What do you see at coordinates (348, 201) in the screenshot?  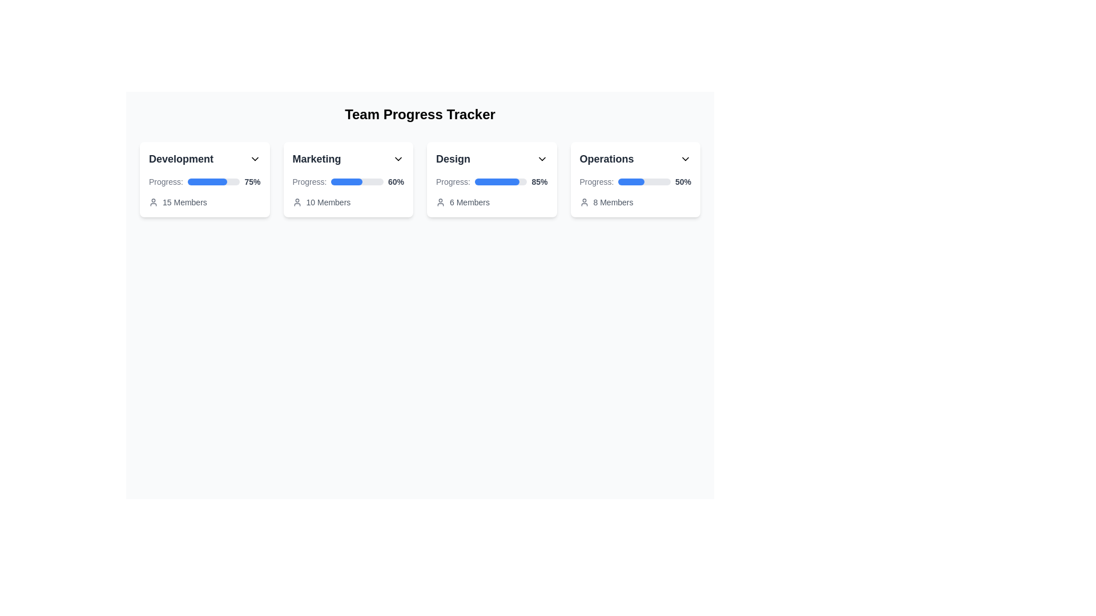 I see `the label with icon indicating the number of members associated with the 'Marketing' section, located at the bottom of the 'Marketing' section card, directly below the blue progress bar and percentage indicator` at bounding box center [348, 201].